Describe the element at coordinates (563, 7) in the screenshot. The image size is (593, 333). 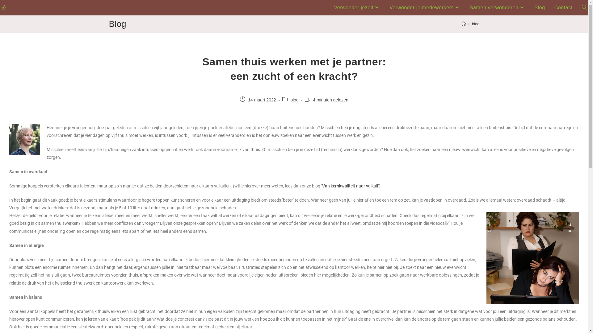
I see `'Contact'` at that location.